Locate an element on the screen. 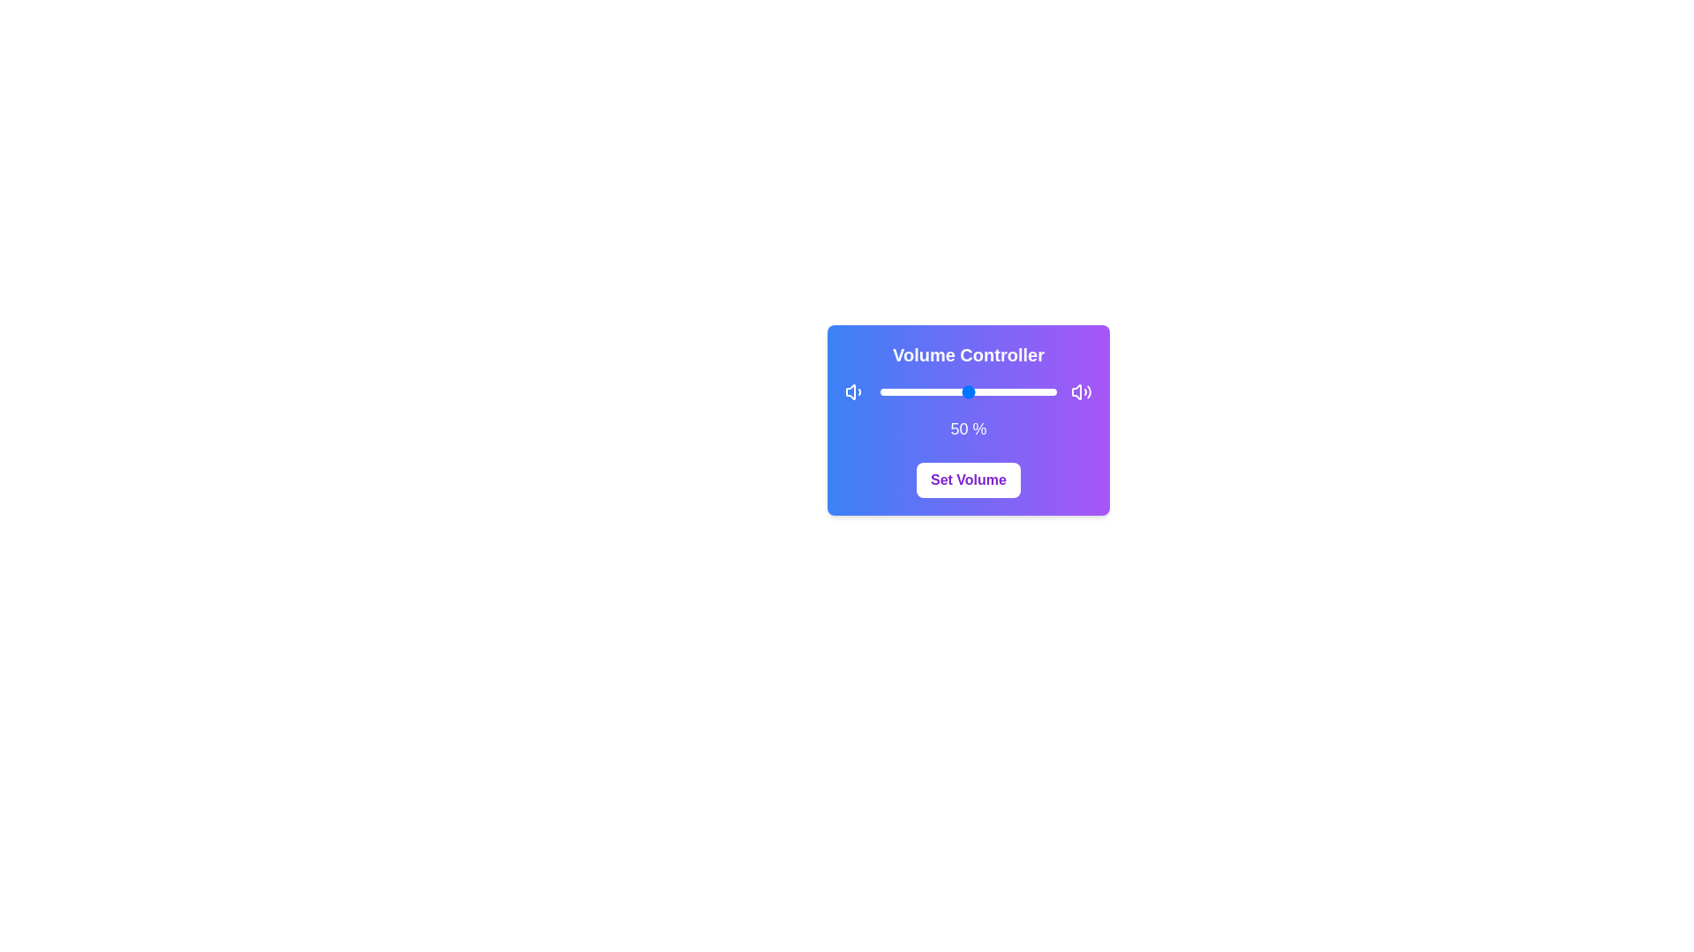 The width and height of the screenshot is (1694, 952). 'Set Volume' button to confirm the volume setting is located at coordinates (968, 480).